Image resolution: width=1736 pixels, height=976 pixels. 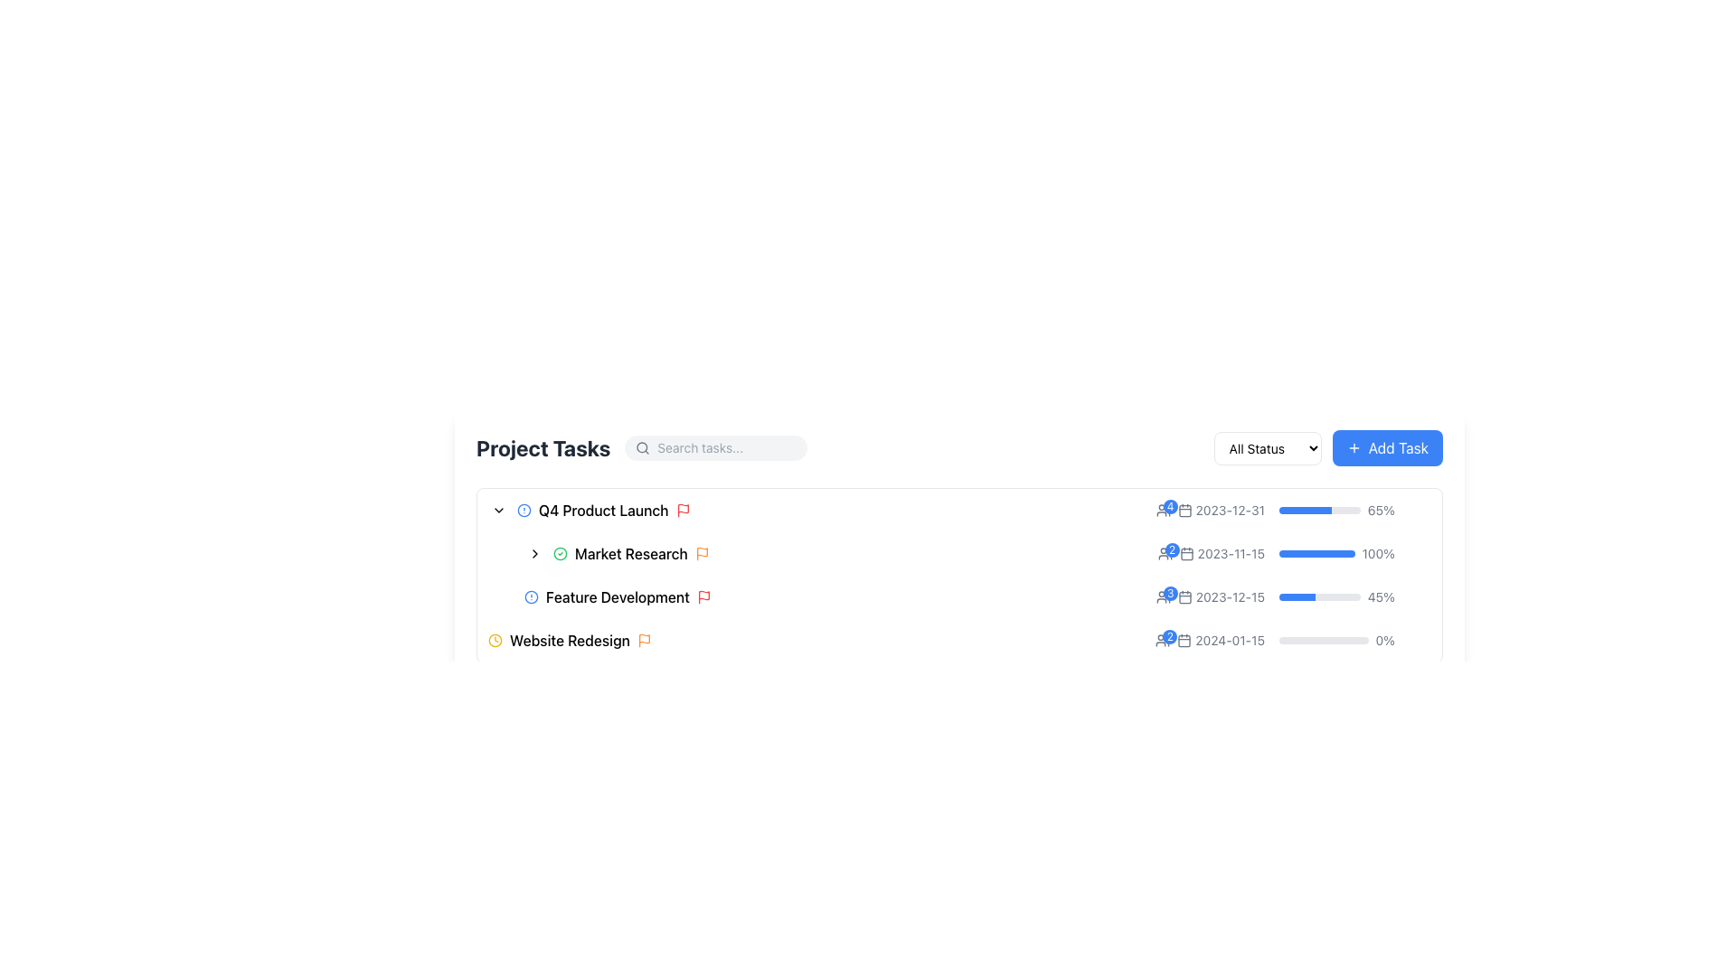 I want to click on the badge representing the number of users associated with the specific task or project, located in the lower-right part of the interface, directly to the left of the date '2024-01-15', so click(x=1163, y=640).